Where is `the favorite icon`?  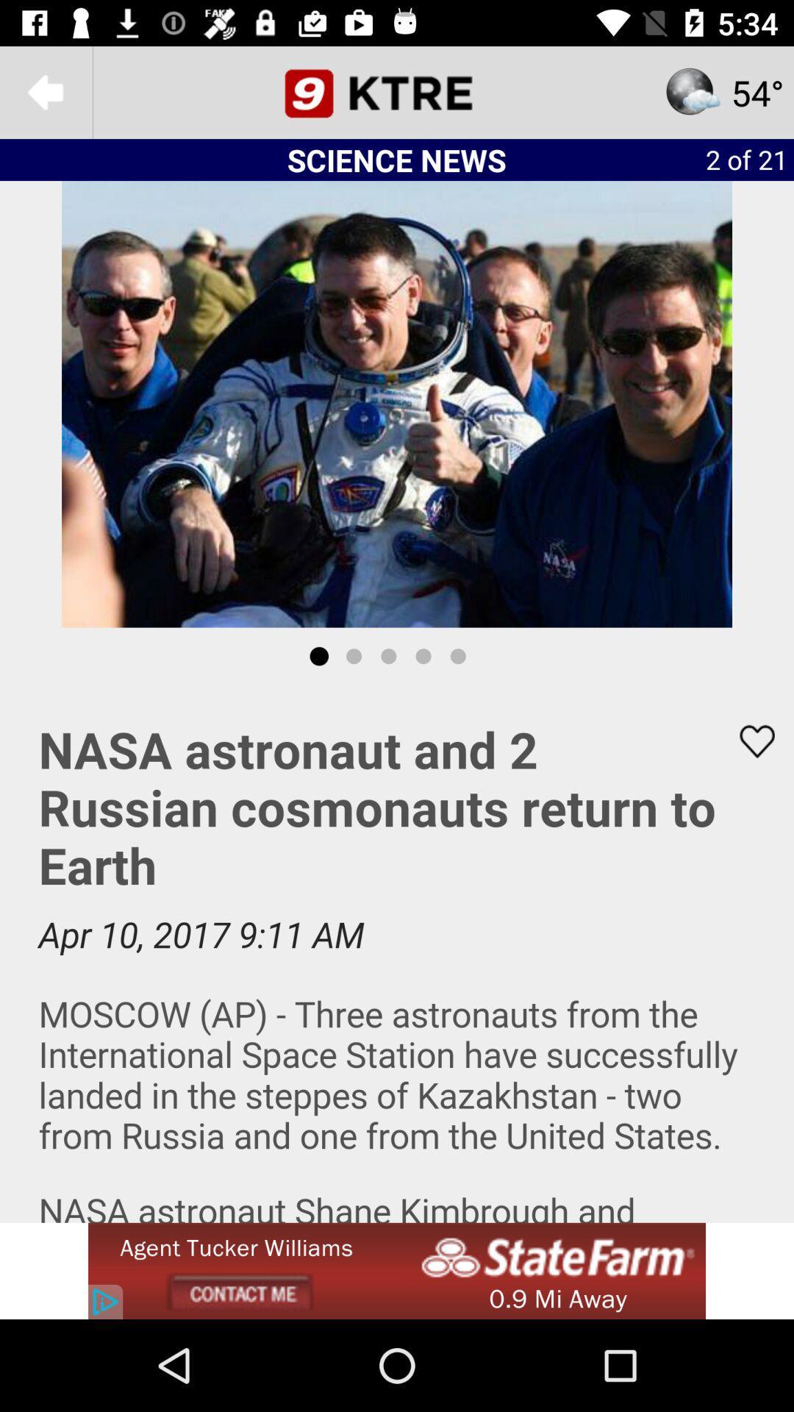 the favorite icon is located at coordinates (748, 741).